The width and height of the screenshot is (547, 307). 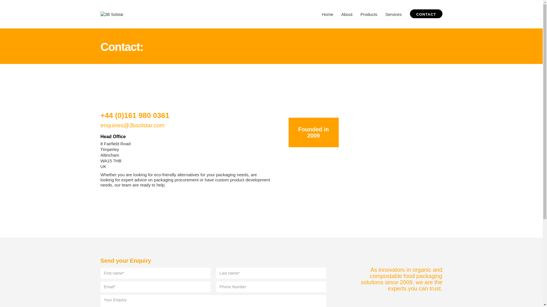 I want to click on 'CONTACT', so click(x=410, y=13).